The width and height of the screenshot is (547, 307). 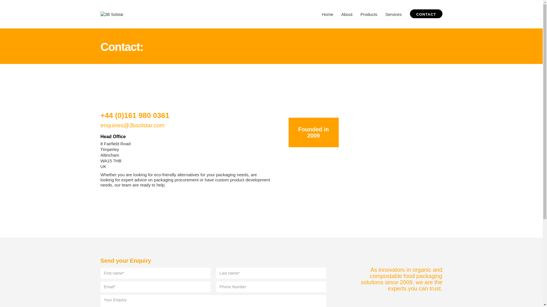 I want to click on 'CONTACT', so click(x=410, y=13).